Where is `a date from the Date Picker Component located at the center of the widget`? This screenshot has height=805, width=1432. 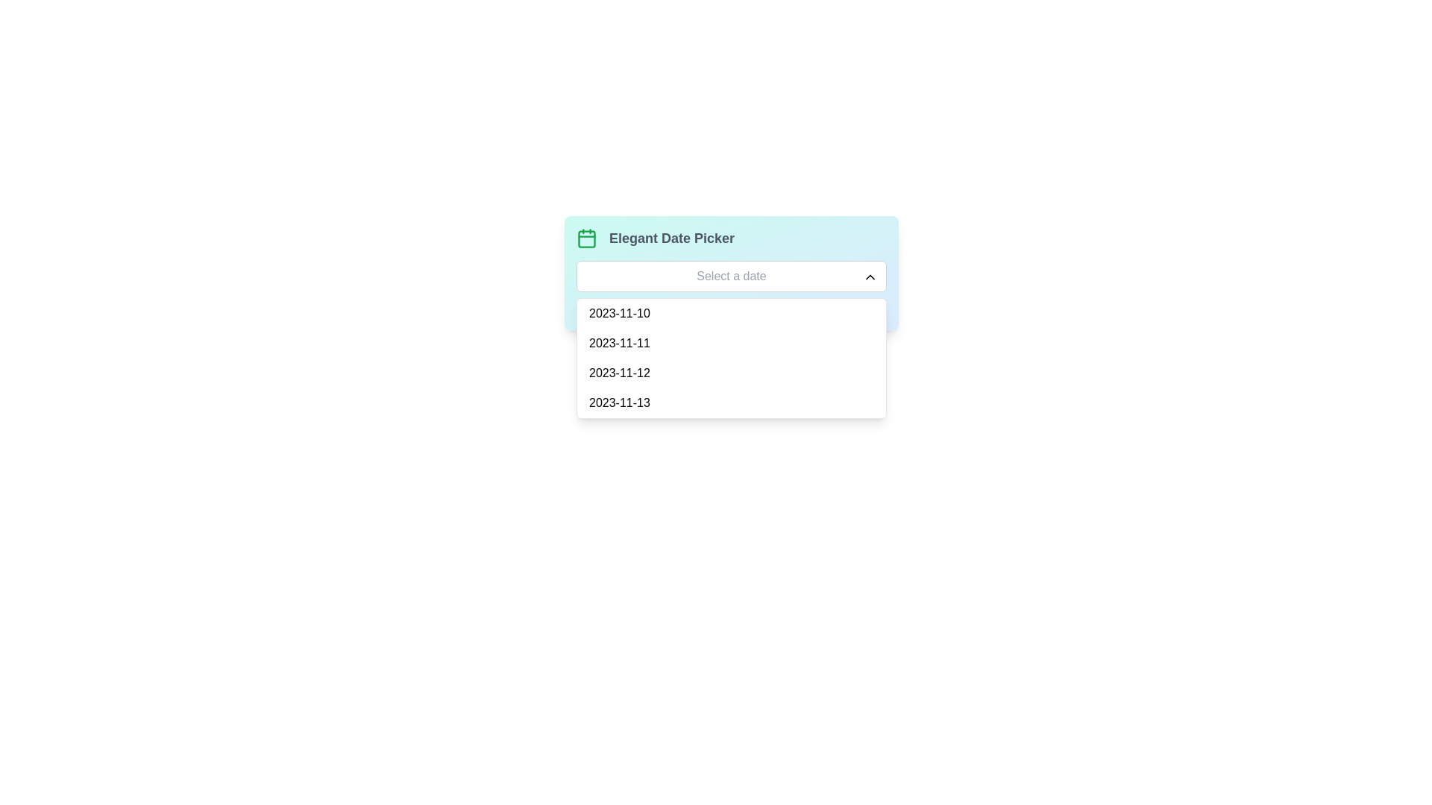 a date from the Date Picker Component located at the center of the widget is located at coordinates (731, 273).